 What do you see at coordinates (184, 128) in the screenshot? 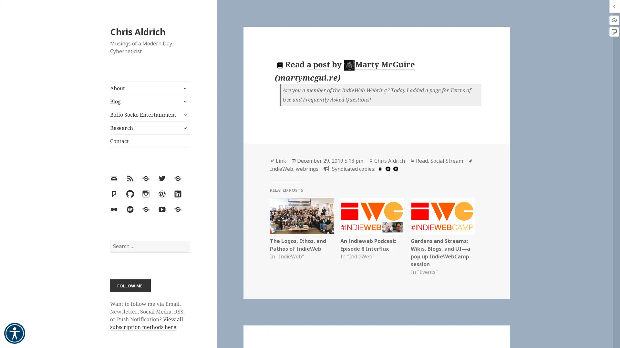
I see `expand child menu` at bounding box center [184, 128].